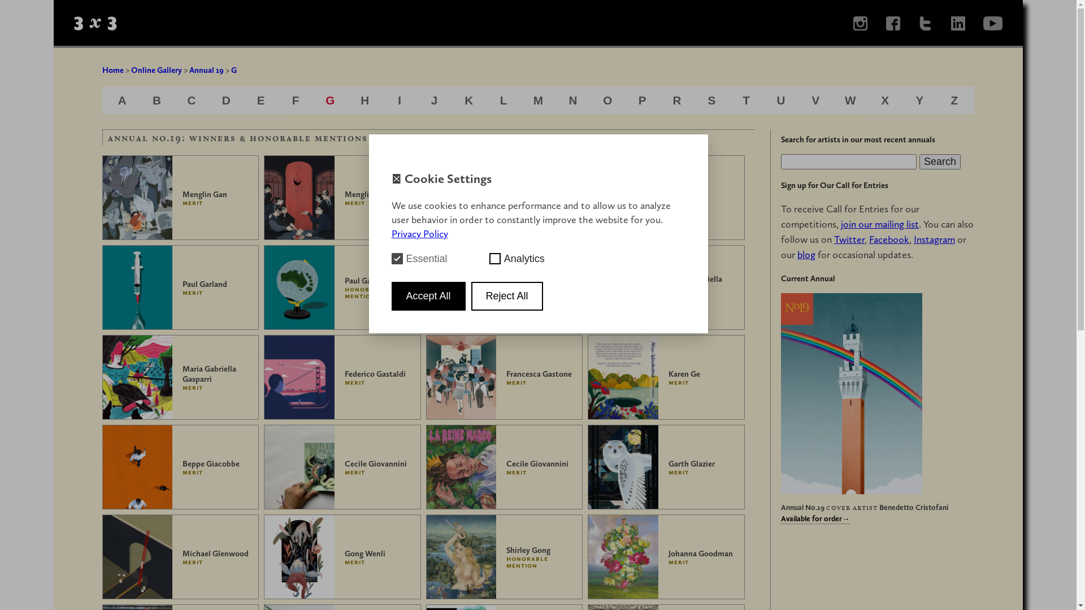  Describe the element at coordinates (468, 99) in the screenshot. I see `'K'` at that location.